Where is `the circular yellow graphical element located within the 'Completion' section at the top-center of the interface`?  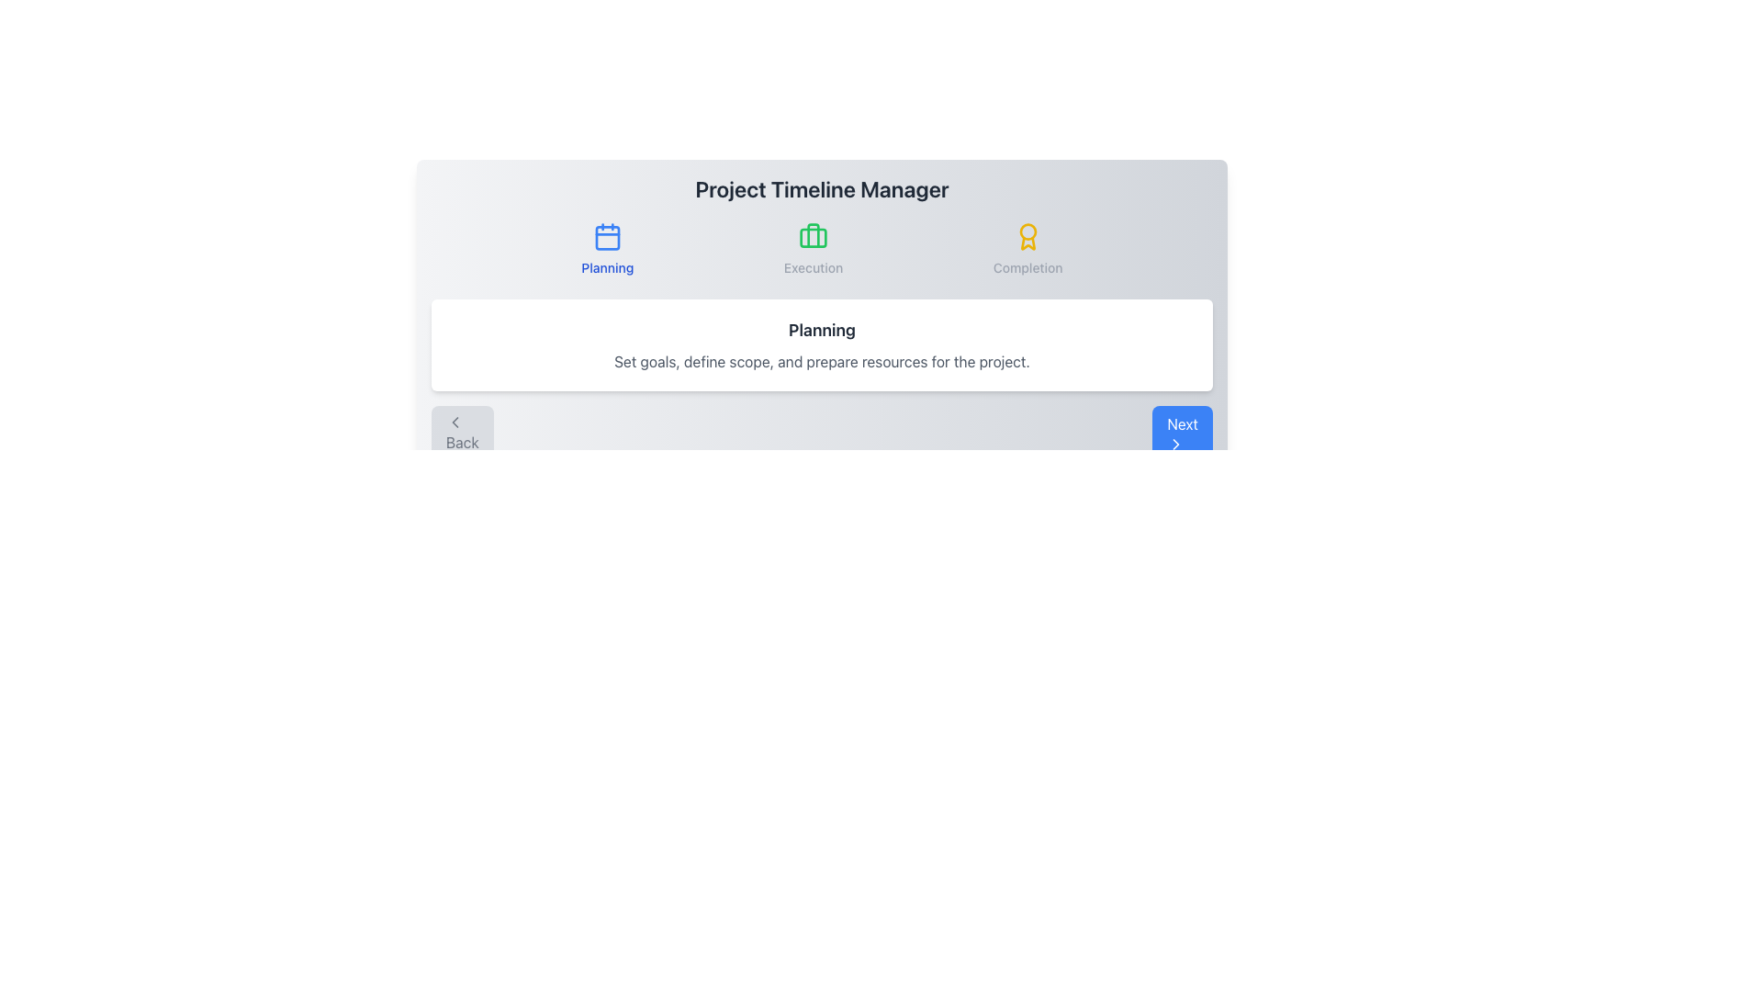 the circular yellow graphical element located within the 'Completion' section at the top-center of the interface is located at coordinates (1027, 231).